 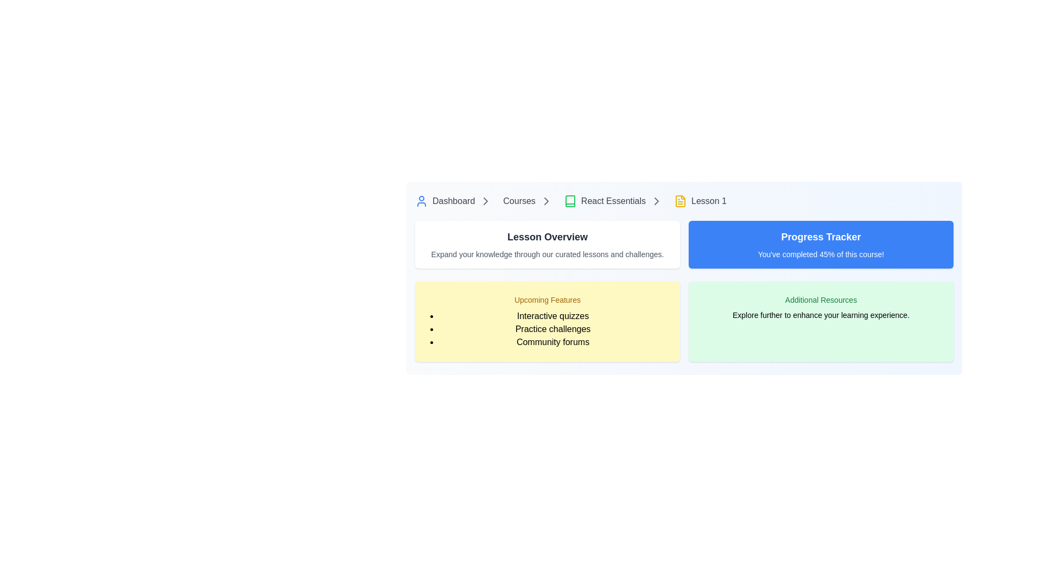 What do you see at coordinates (547, 236) in the screenshot?
I see `the text label or section heading that serves as a title for the section below, located in the top-middle section of the interface` at bounding box center [547, 236].